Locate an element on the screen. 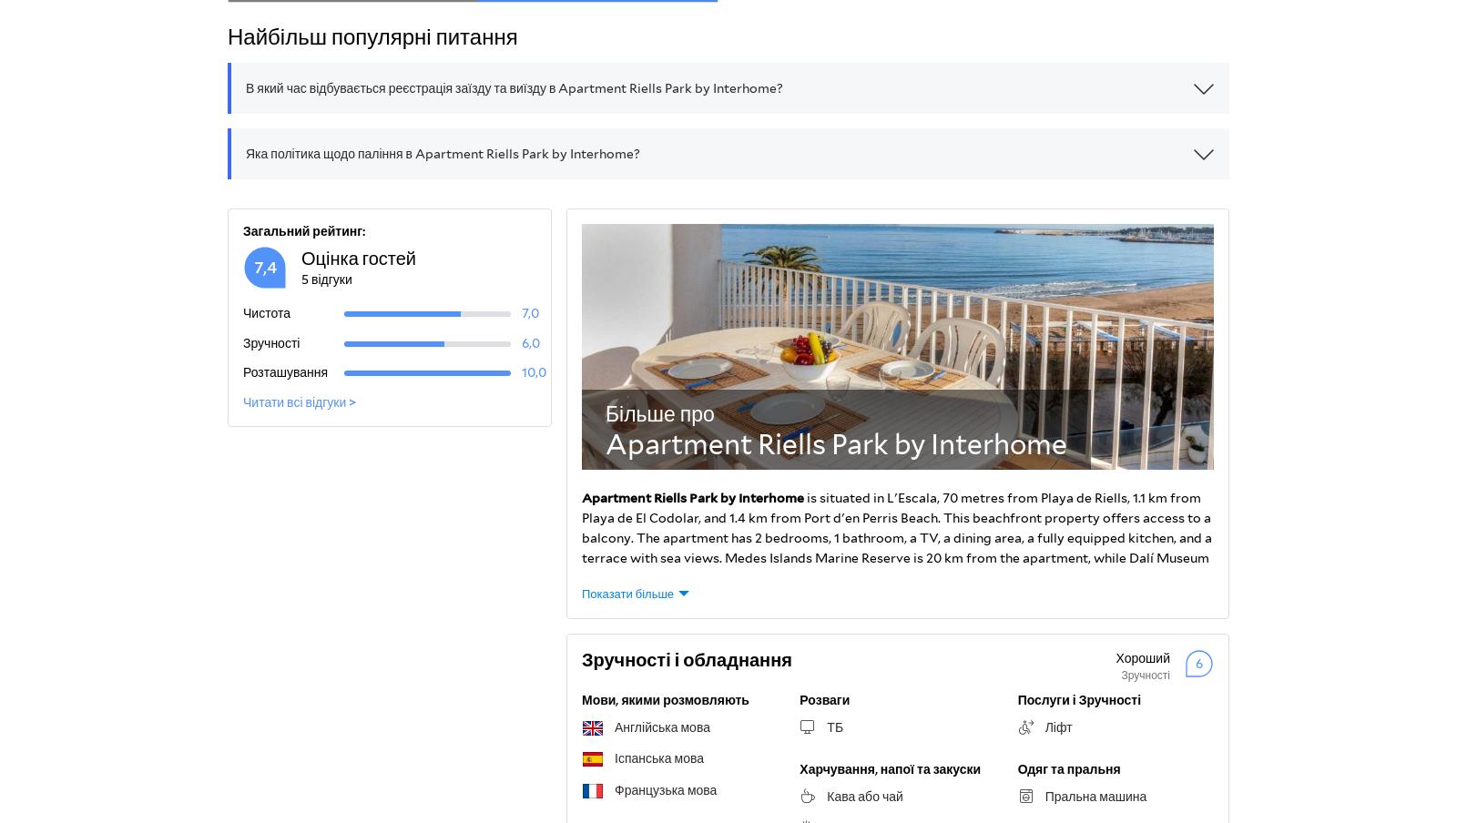  '7,4' is located at coordinates (264, 267).